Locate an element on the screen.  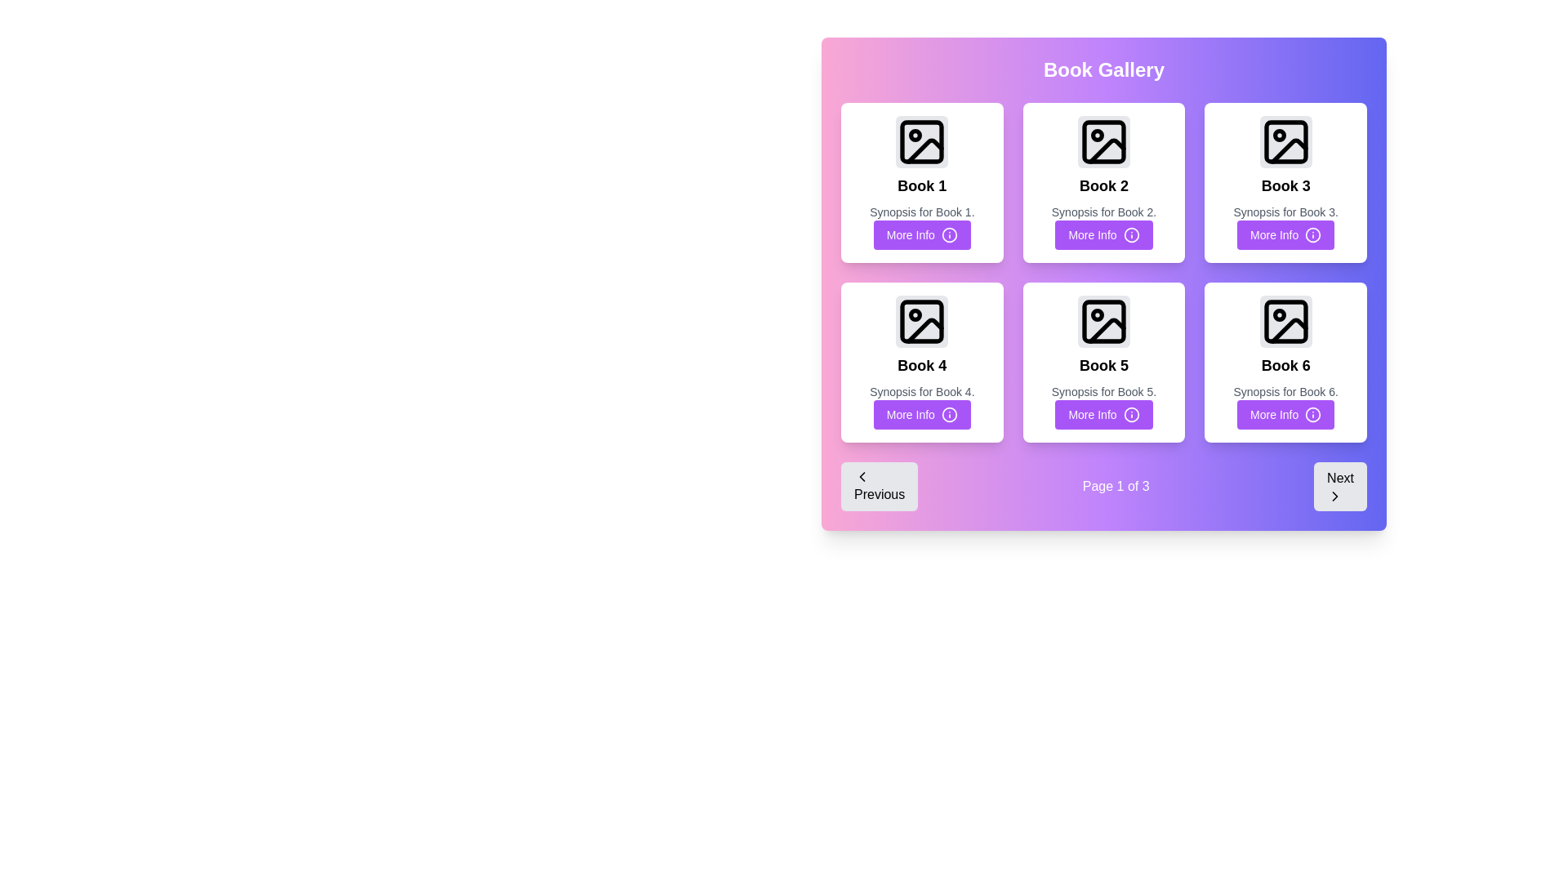
the Text Label that provides a synopsis for 'Book 5', located in the center column of the second row, beneath the 'Book 5' title and above the 'More Info' button is located at coordinates (1104, 391).